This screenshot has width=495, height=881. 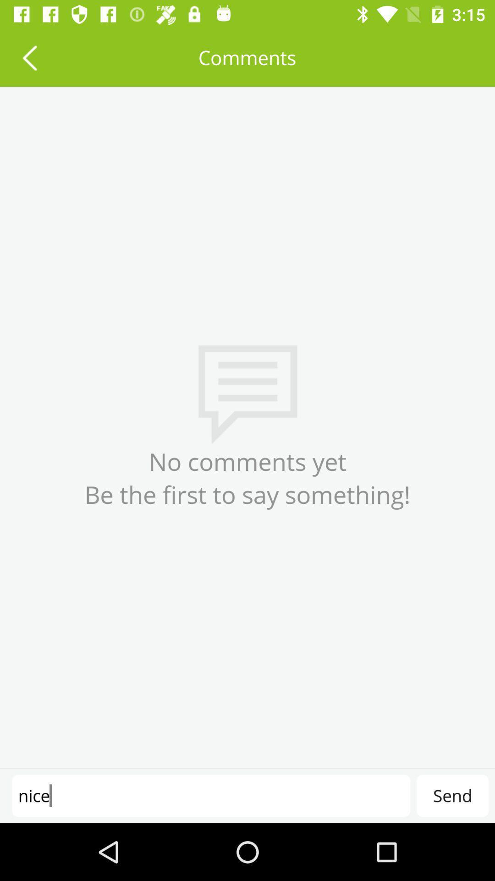 I want to click on the item to the left of comments item, so click(x=29, y=57).